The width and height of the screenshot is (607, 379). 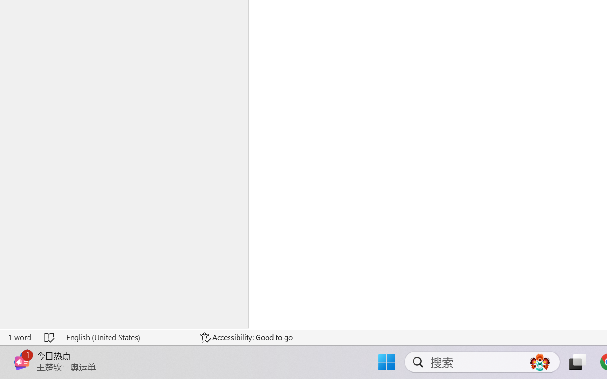 I want to click on 'Word Count 1 word', so click(x=19, y=337).